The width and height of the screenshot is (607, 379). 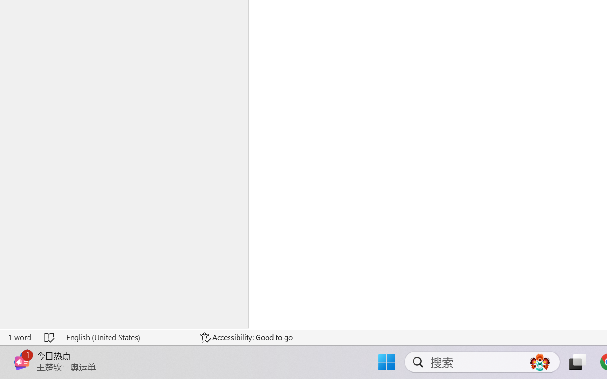 I want to click on 'Word Count 1 word', so click(x=19, y=337).